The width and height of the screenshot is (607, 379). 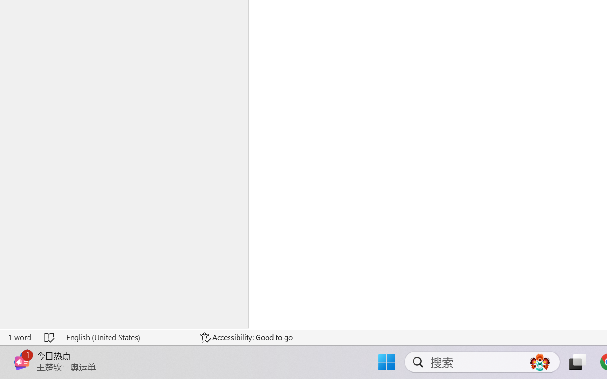 I want to click on 'Word Count 1 word', so click(x=19, y=337).